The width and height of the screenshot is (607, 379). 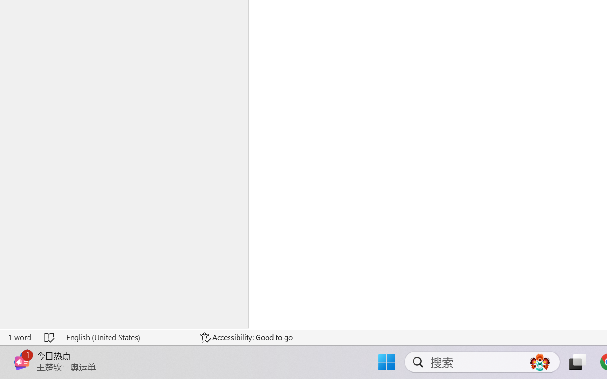 I want to click on 'Word Count 1 word', so click(x=19, y=337).